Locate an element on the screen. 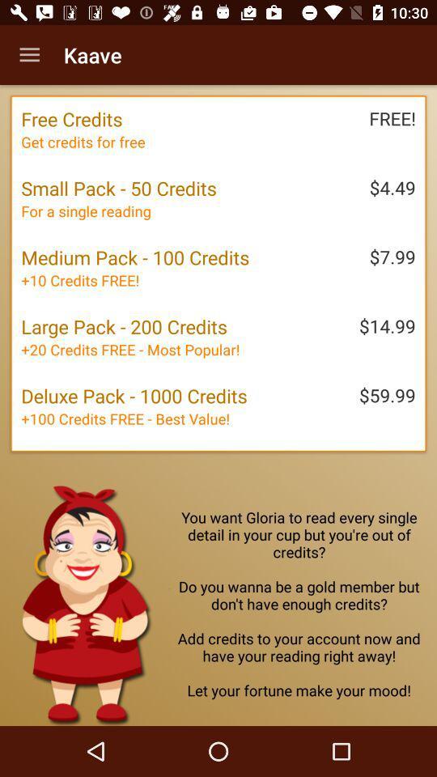 This screenshot has width=437, height=777. app to the left of kaave is located at coordinates (29, 55).